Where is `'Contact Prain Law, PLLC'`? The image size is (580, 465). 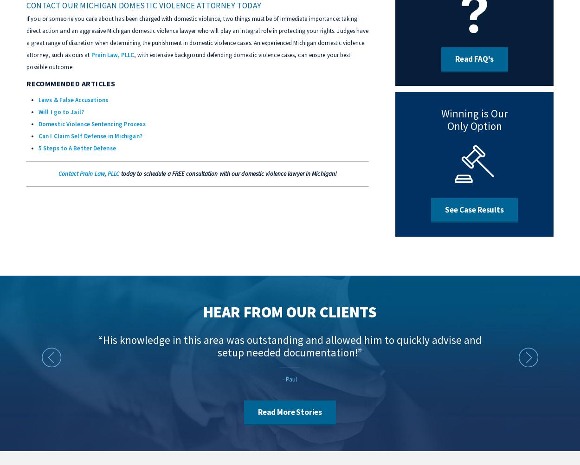
'Contact Prain Law, PLLC' is located at coordinates (88, 173).